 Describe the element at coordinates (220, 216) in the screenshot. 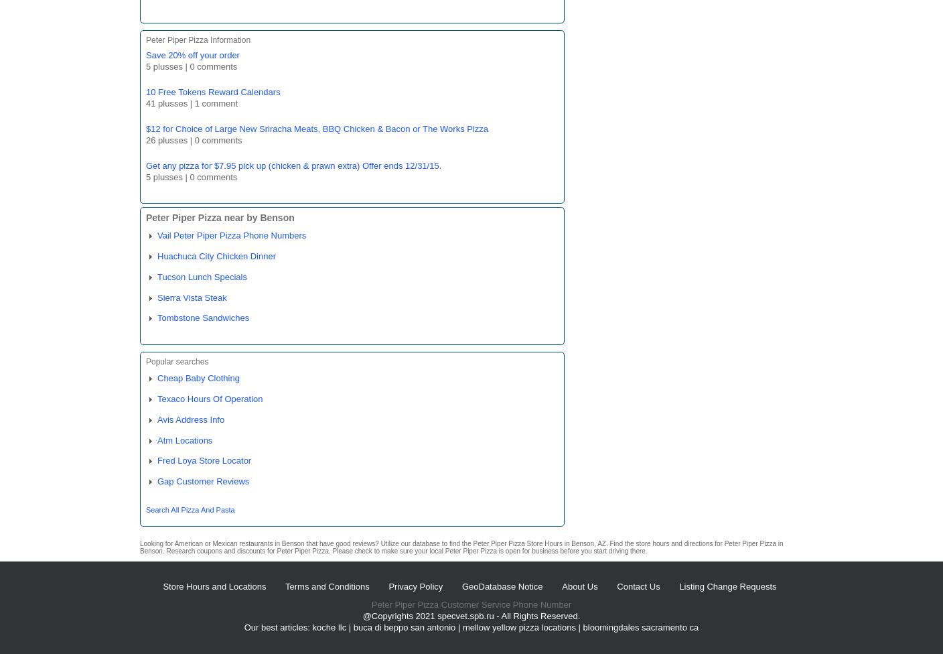

I see `'Peter Piper Pizza near by Benson'` at that location.